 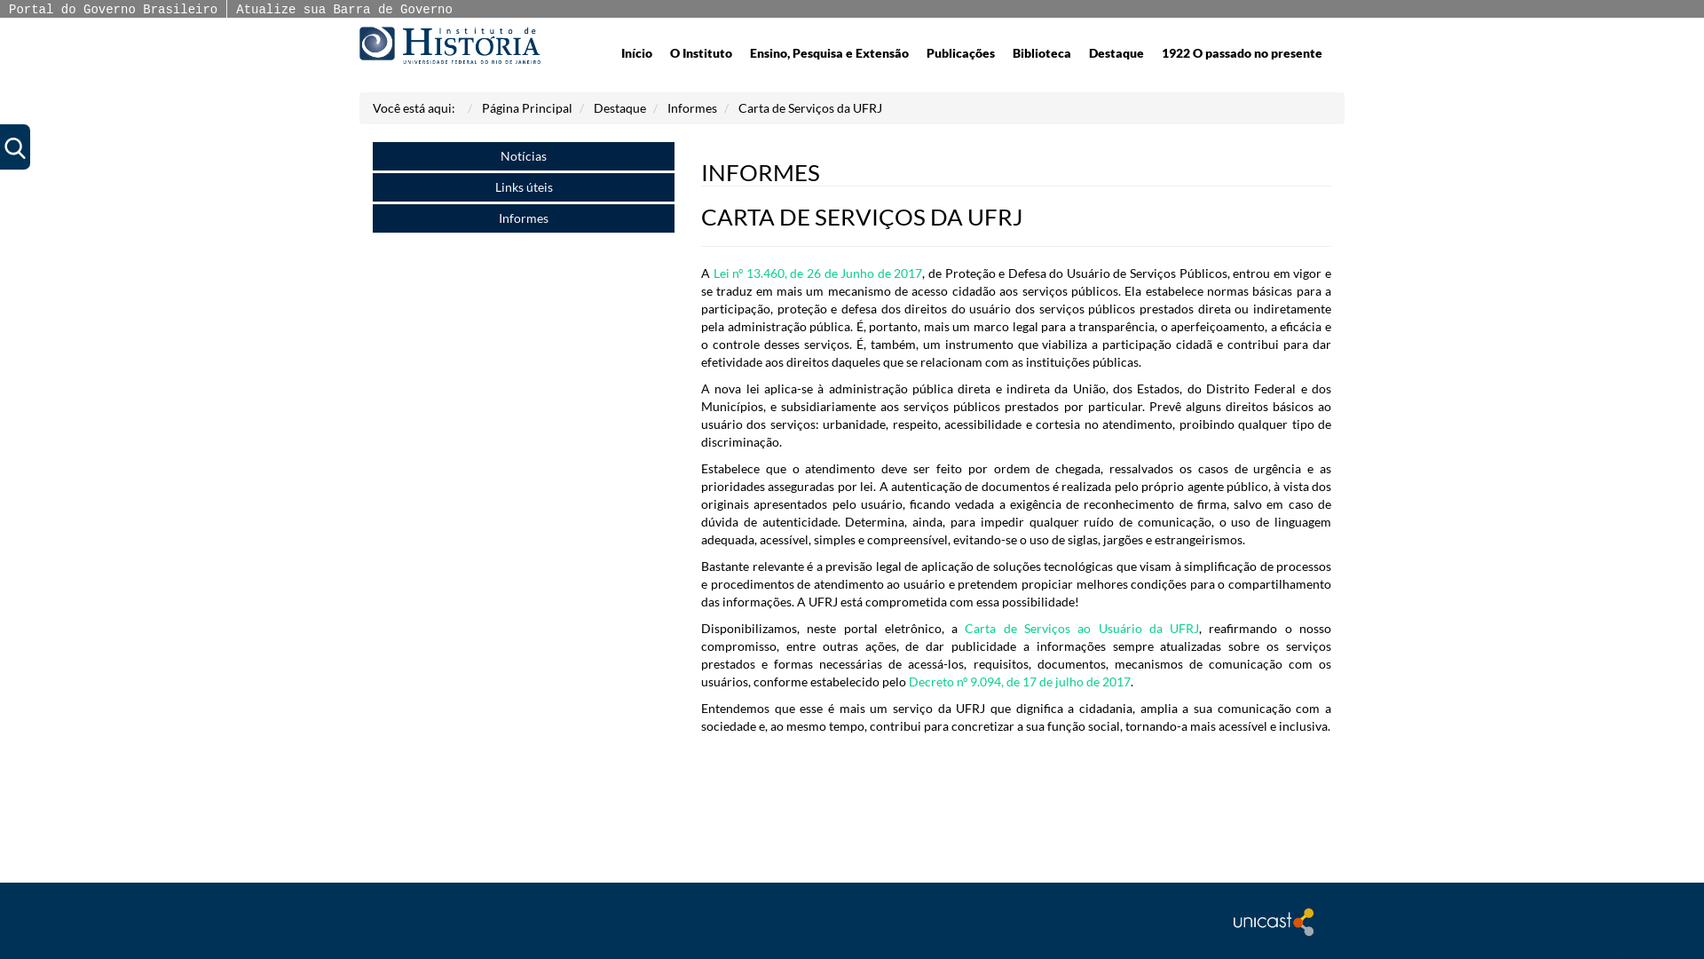 I want to click on '1922 O passado no presente', so click(x=1241, y=52).